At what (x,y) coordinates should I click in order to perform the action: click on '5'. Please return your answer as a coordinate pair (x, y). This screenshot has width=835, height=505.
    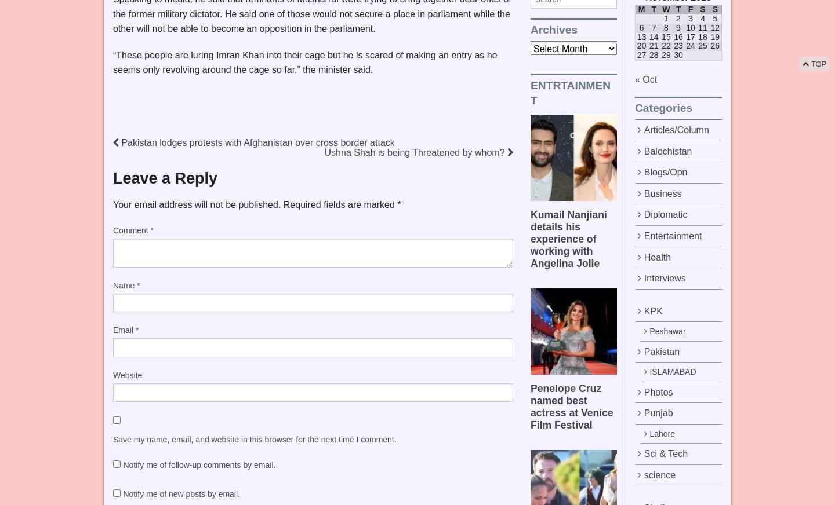
    Looking at the image, I should click on (714, 18).